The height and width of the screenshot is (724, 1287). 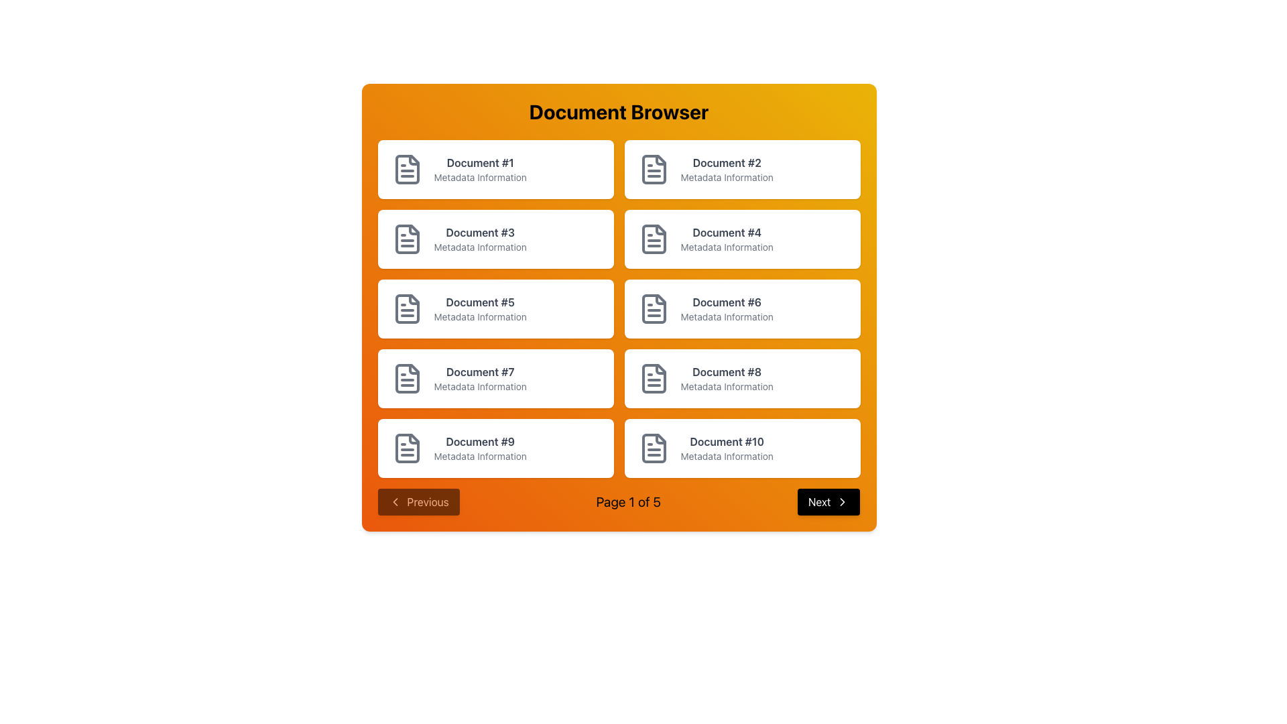 I want to click on the visual state of the small left-pointing chevron icon located within the 'Previous' navigation button at the bottom left corner of the interface, so click(x=394, y=501).